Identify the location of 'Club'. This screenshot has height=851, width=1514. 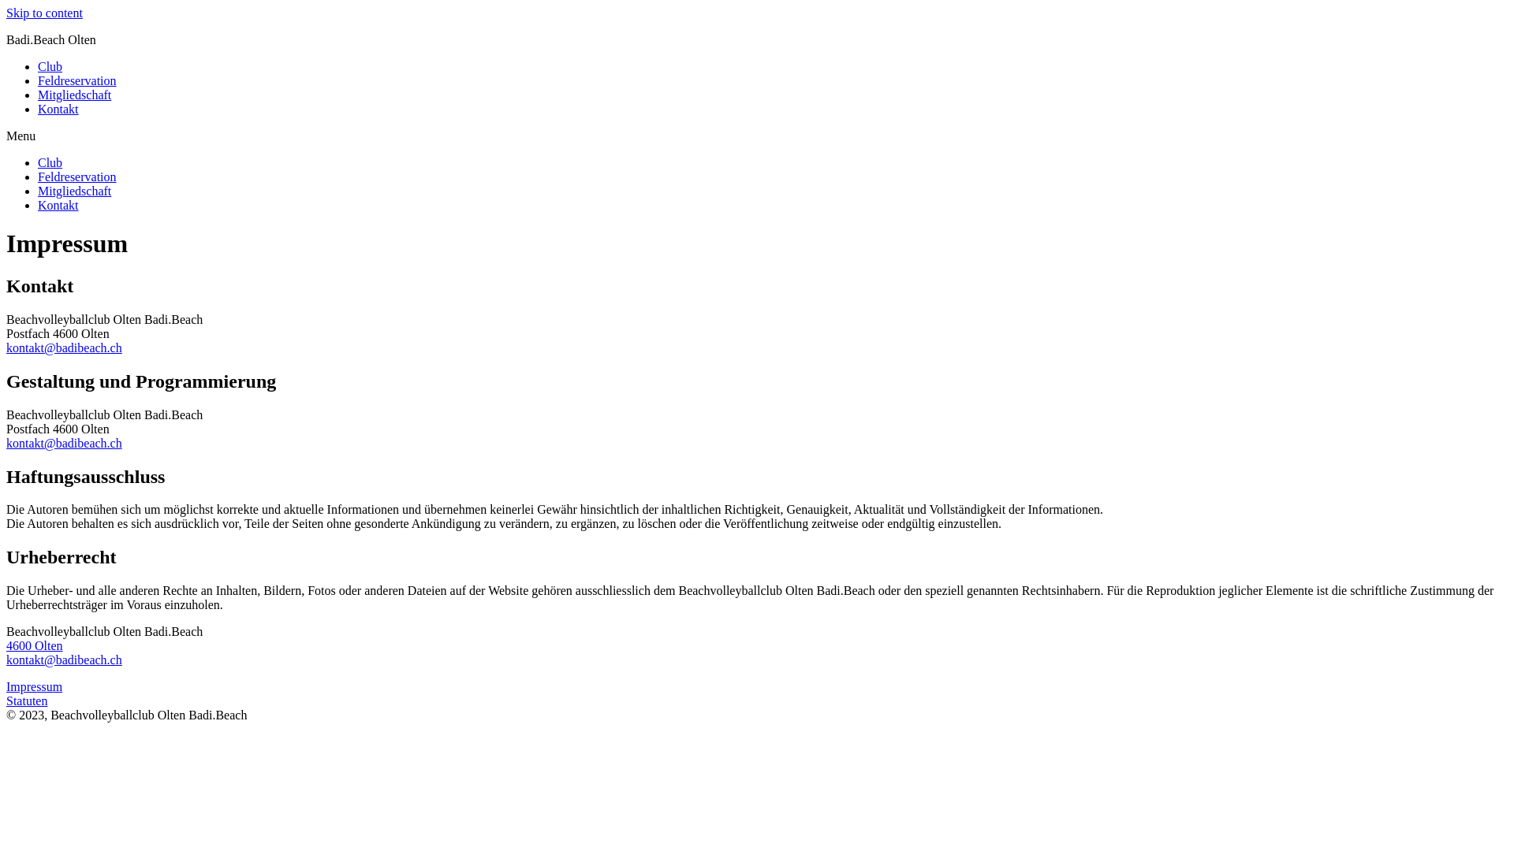
(50, 162).